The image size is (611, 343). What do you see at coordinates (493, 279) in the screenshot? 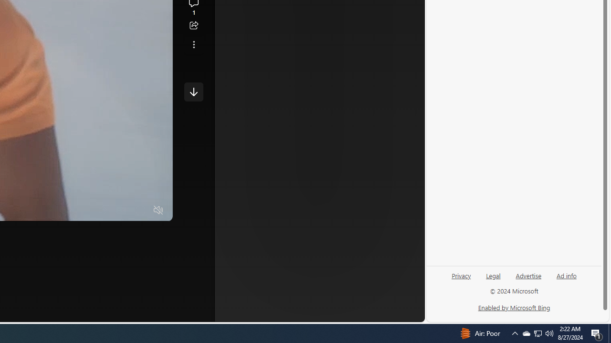
I see `'Legal'` at bounding box center [493, 279].